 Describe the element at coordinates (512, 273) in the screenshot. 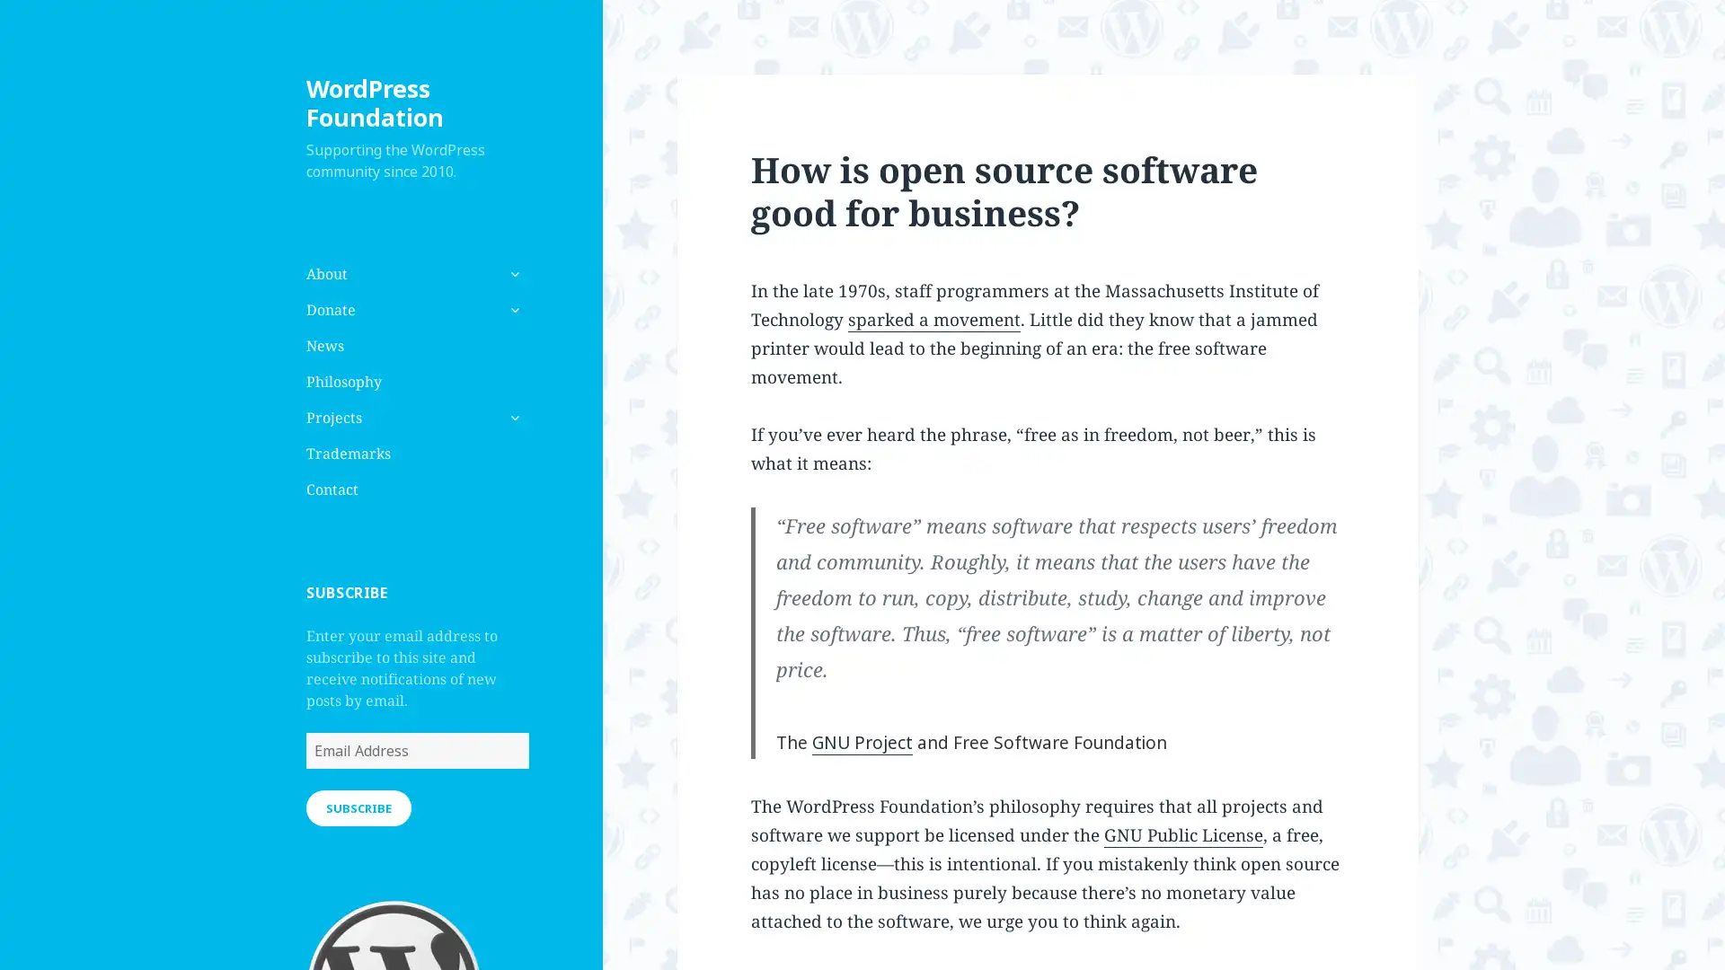

I see `expand child menu` at that location.